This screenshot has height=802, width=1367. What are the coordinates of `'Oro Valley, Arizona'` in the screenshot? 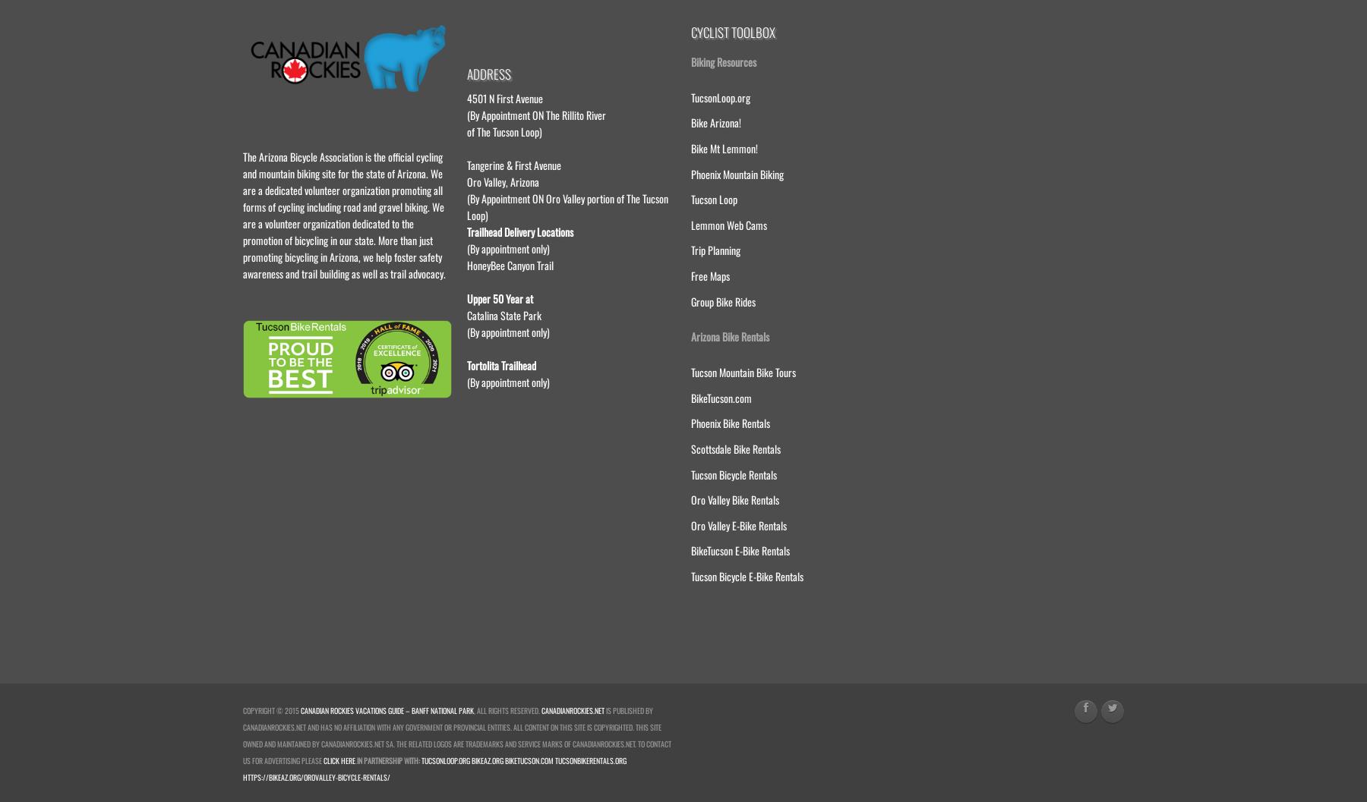 It's located at (503, 180).